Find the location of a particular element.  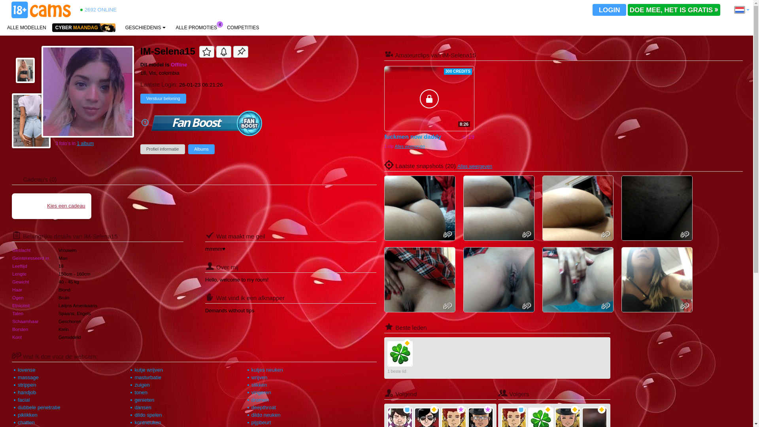

'tonen' is located at coordinates (141, 392).